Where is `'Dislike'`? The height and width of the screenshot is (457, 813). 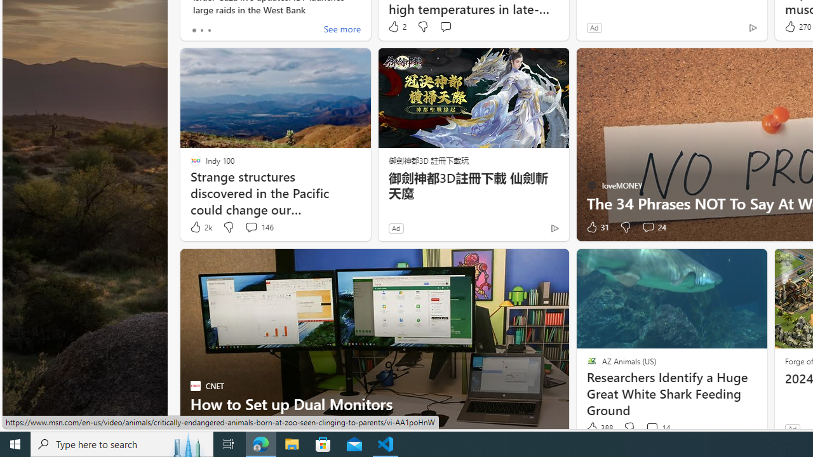
'Dislike' is located at coordinates (629, 428).